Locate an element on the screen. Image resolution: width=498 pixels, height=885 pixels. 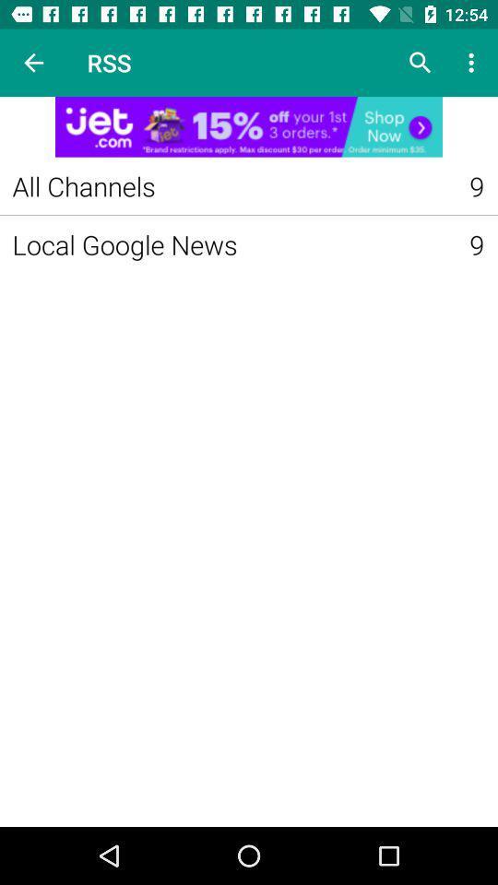
what to search is located at coordinates (420, 63).